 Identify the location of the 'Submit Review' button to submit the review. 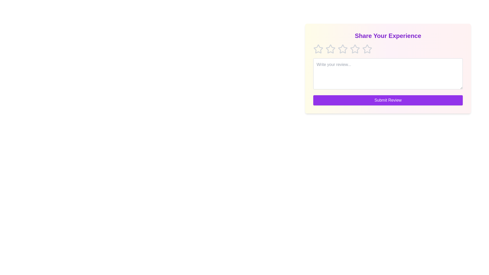
(388, 100).